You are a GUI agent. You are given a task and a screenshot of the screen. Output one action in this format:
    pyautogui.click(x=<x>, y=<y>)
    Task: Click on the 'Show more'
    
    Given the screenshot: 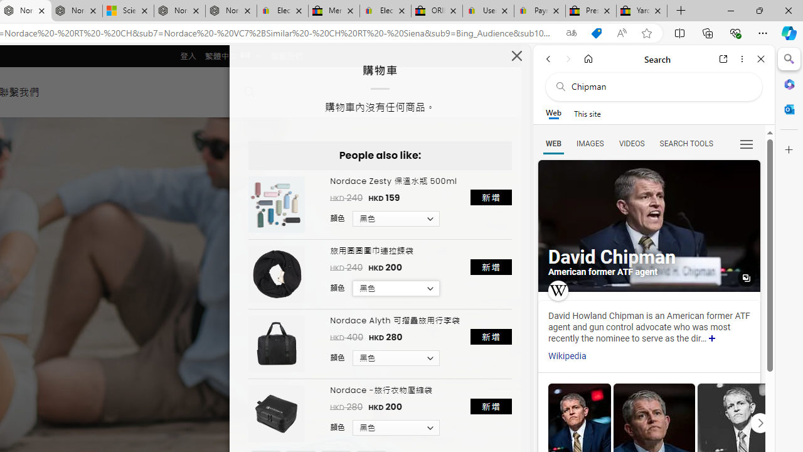 What is the action you would take?
    pyautogui.click(x=712, y=339)
    